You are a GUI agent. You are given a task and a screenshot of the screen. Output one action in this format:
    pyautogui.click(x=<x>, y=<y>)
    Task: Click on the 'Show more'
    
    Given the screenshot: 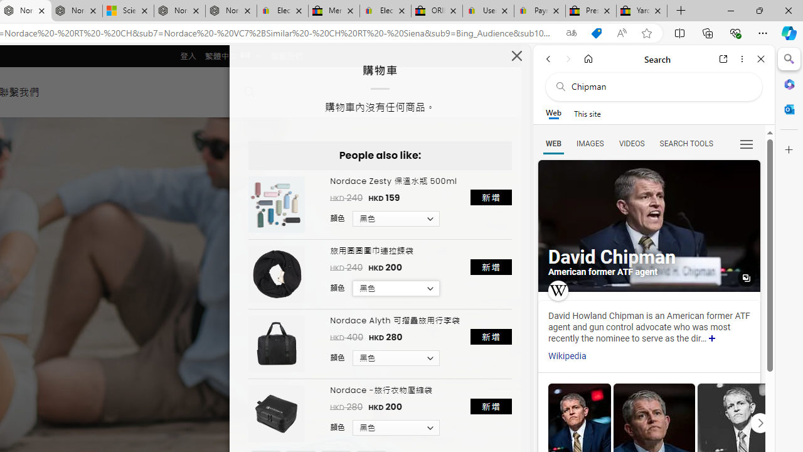 What is the action you would take?
    pyautogui.click(x=712, y=339)
    